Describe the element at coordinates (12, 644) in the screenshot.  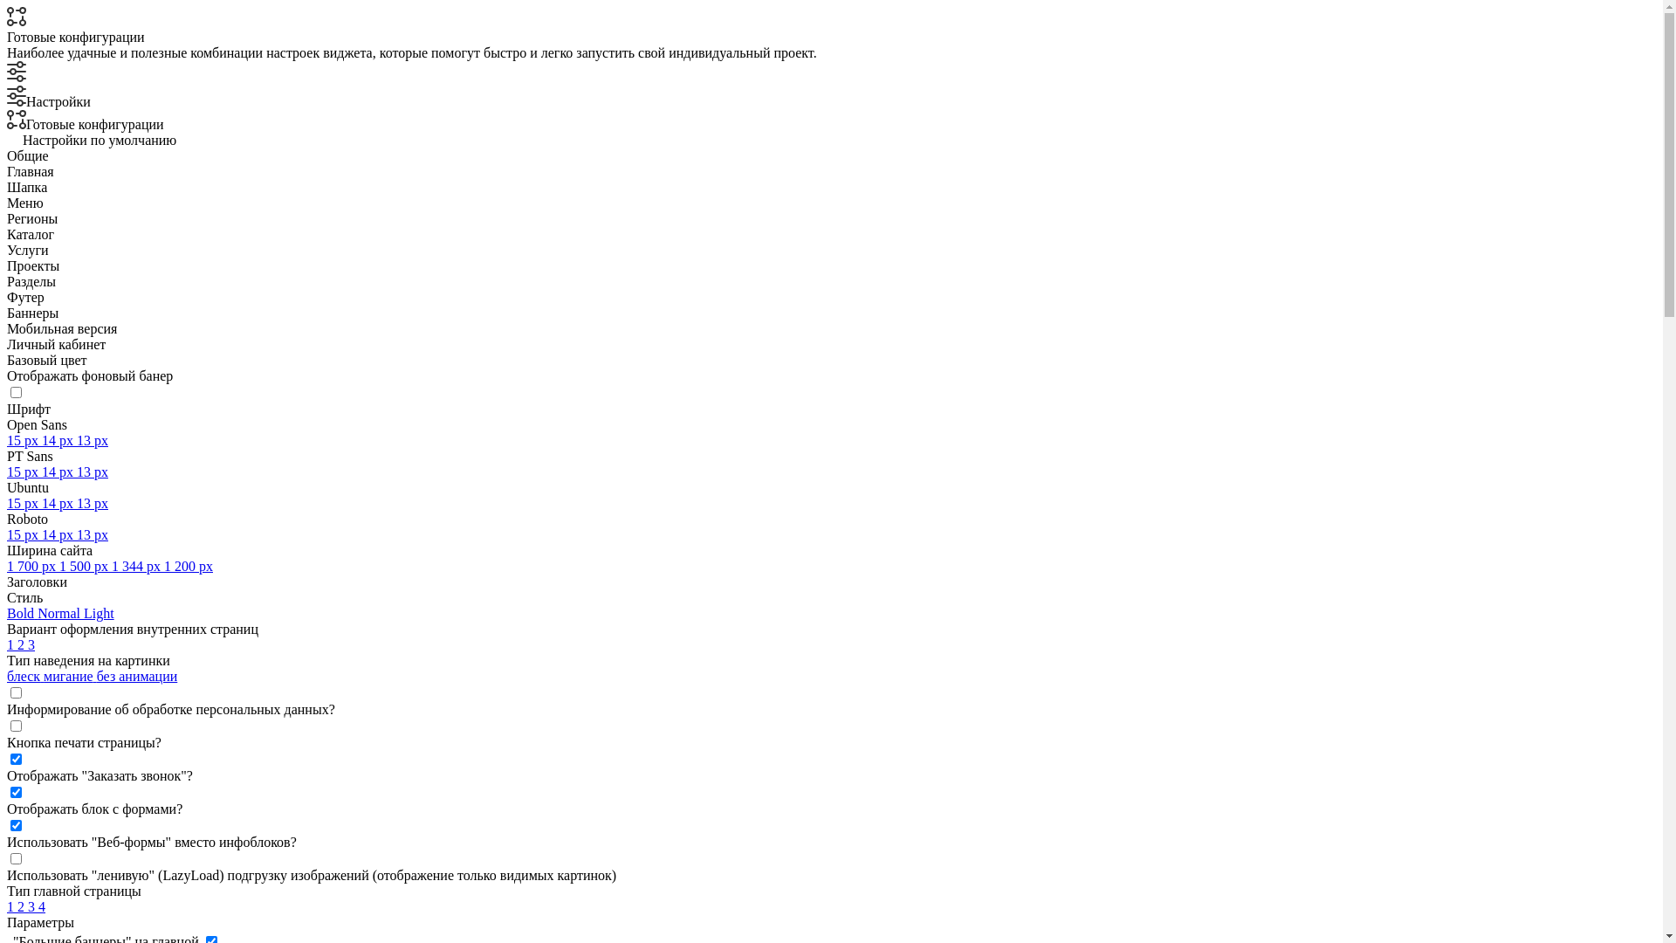
I see `'1'` at that location.